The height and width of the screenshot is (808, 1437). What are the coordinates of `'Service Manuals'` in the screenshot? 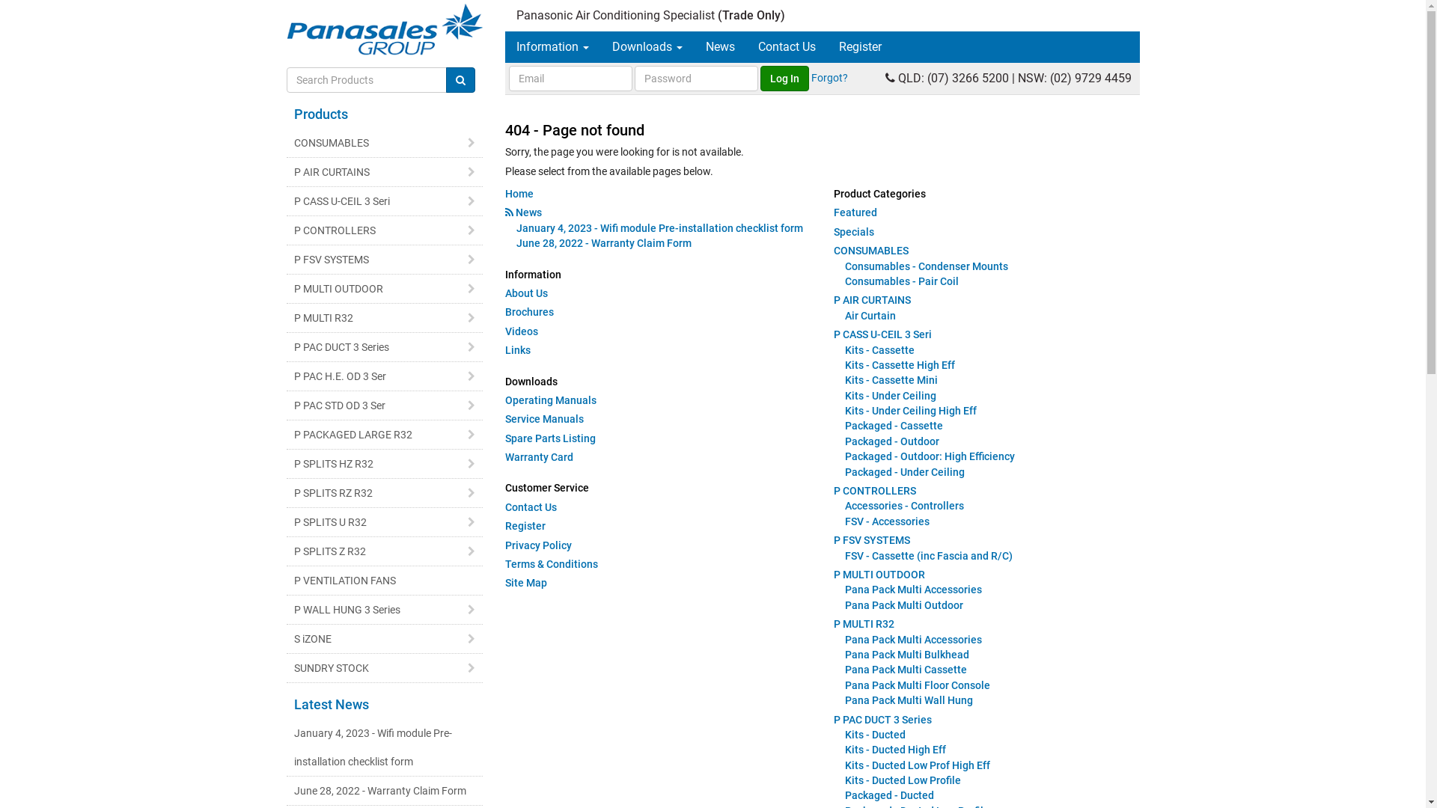 It's located at (543, 418).